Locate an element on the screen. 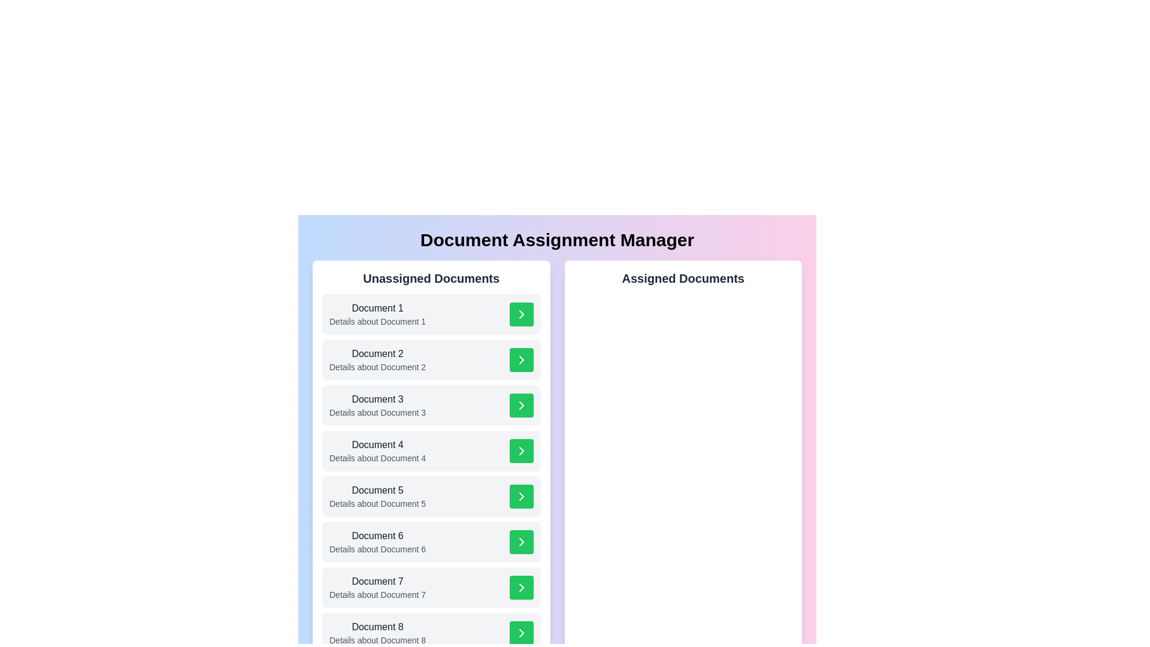  the non-interactive text label providing additional information about 'Document 8', located below its title in the 'Unassigned Documents' section is located at coordinates (377, 639).